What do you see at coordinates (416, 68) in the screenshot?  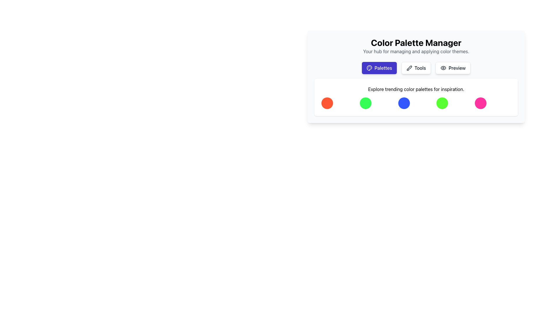 I see `the 'Tools' button located between the 'Palettes' button and the 'Preview' button` at bounding box center [416, 68].